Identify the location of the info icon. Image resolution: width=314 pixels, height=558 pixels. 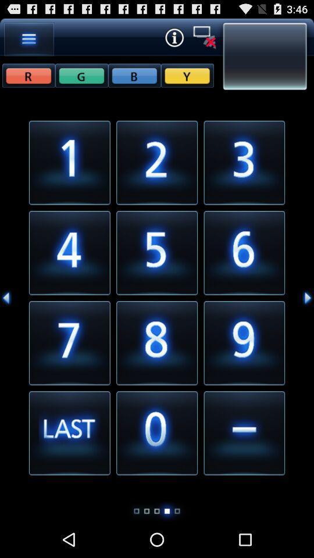
(173, 40).